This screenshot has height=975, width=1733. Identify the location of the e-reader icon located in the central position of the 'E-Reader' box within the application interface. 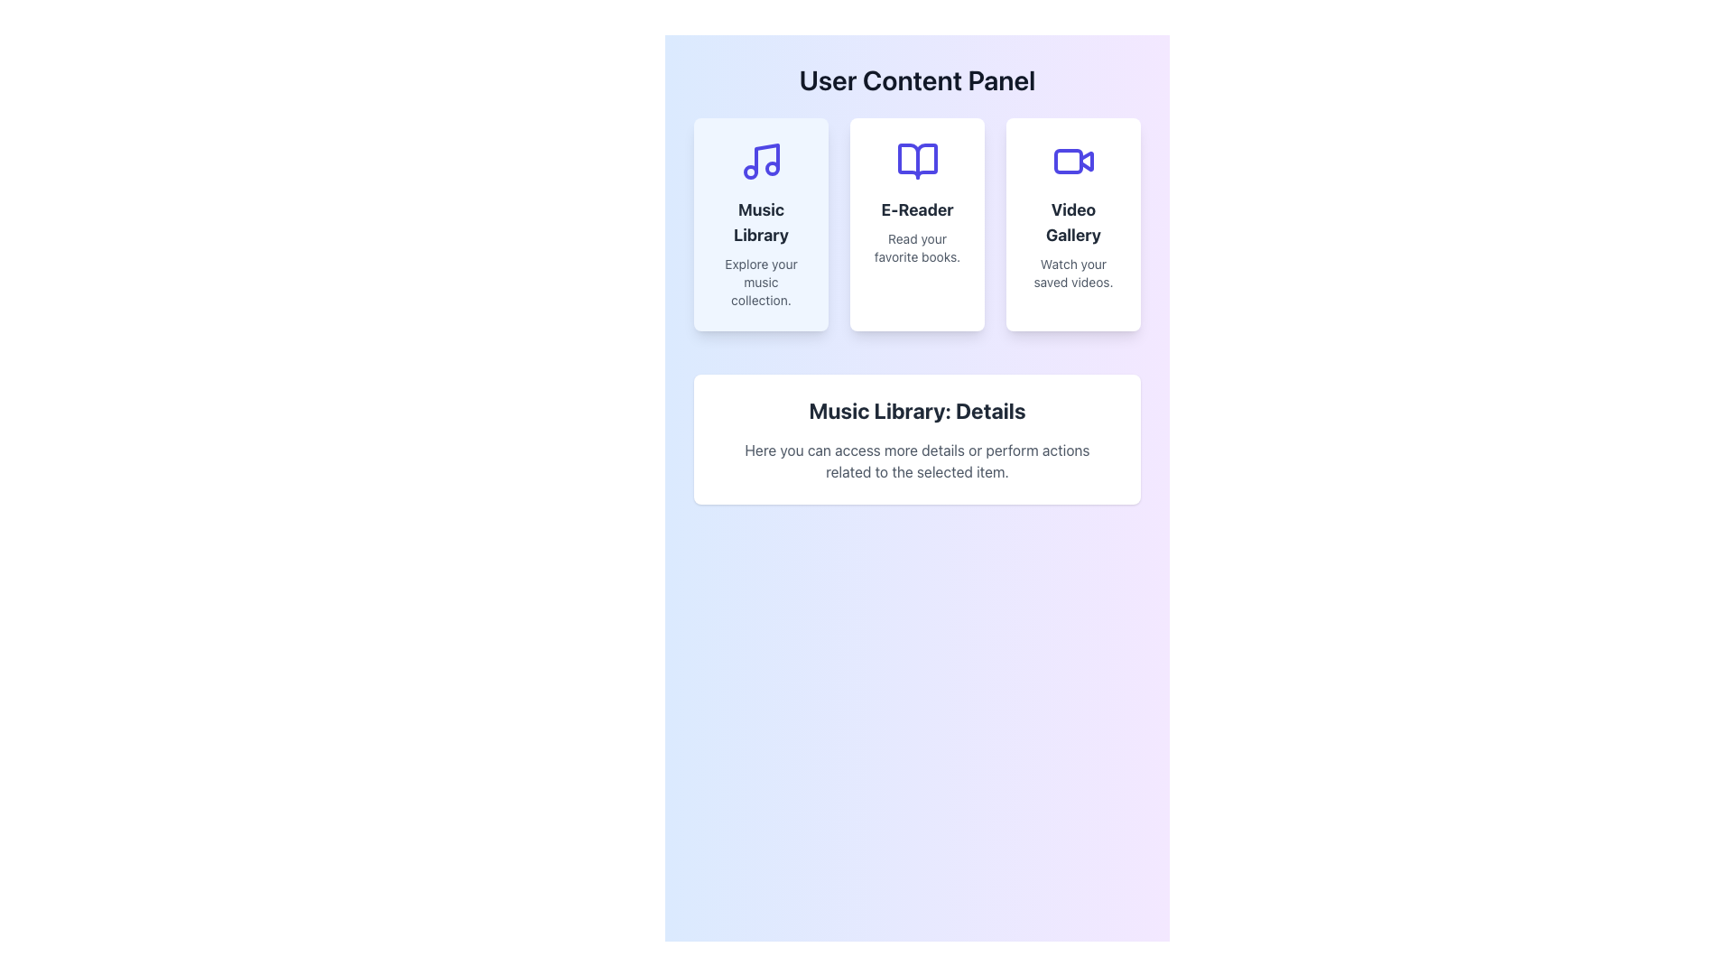
(917, 160).